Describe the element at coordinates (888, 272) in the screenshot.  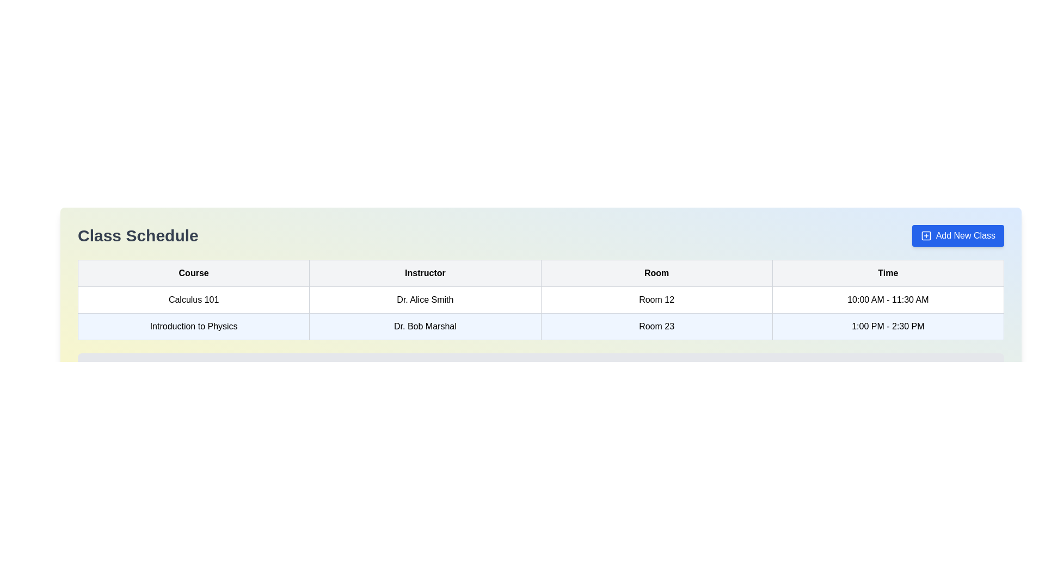
I see `the Table Header Cell containing the text 'Time', which is the fourth column header in the table, characterized by a bold black font on a light gray background` at that location.